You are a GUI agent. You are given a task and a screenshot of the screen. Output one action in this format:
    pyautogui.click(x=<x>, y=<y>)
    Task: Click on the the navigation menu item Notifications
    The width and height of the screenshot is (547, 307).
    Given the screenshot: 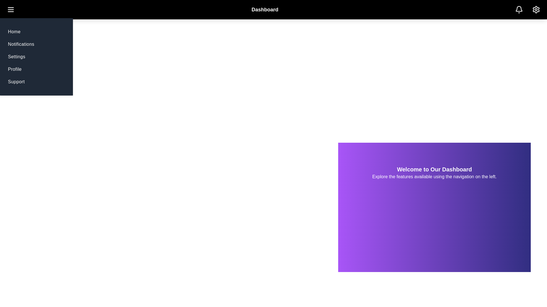 What is the action you would take?
    pyautogui.click(x=21, y=44)
    